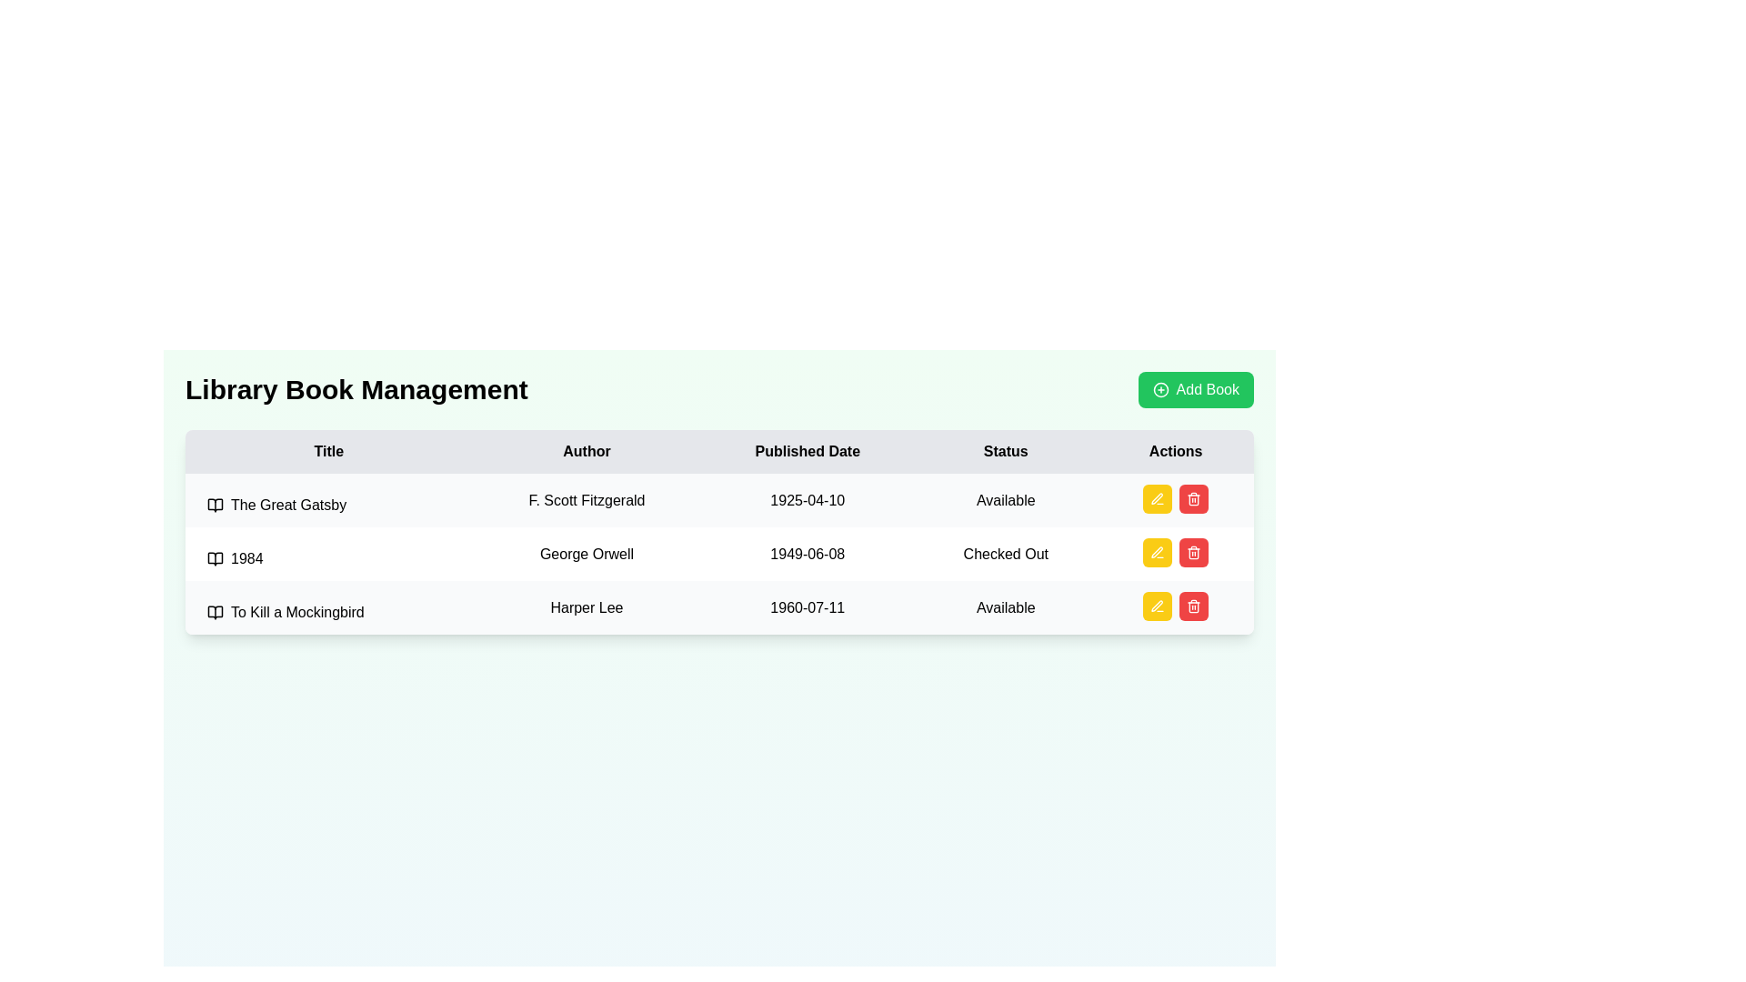 The height and width of the screenshot is (982, 1746). What do you see at coordinates (807, 553) in the screenshot?
I see `the text displaying '1949-06-08' in the third column of the second row of a table, corresponding to 'Published Date' for '1984' by 'George Orwell'` at bounding box center [807, 553].